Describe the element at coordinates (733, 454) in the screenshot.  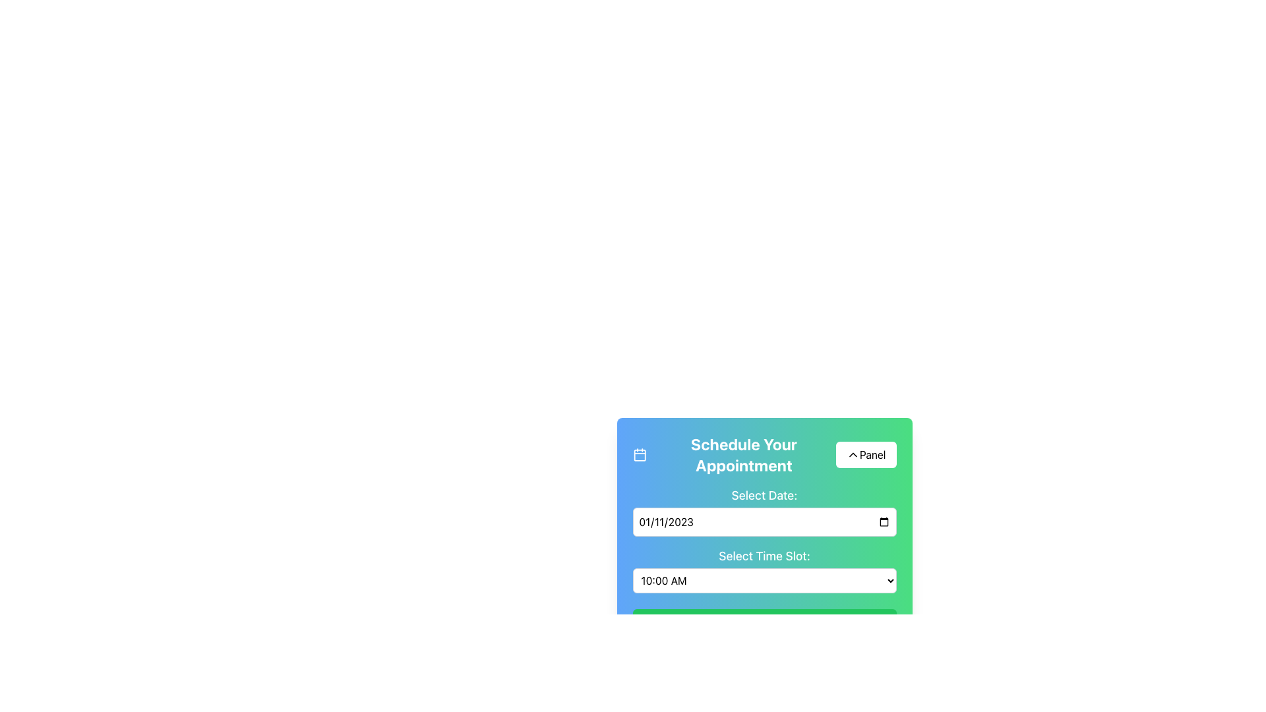
I see `the header text 'Schedule Your Appointment'` at that location.